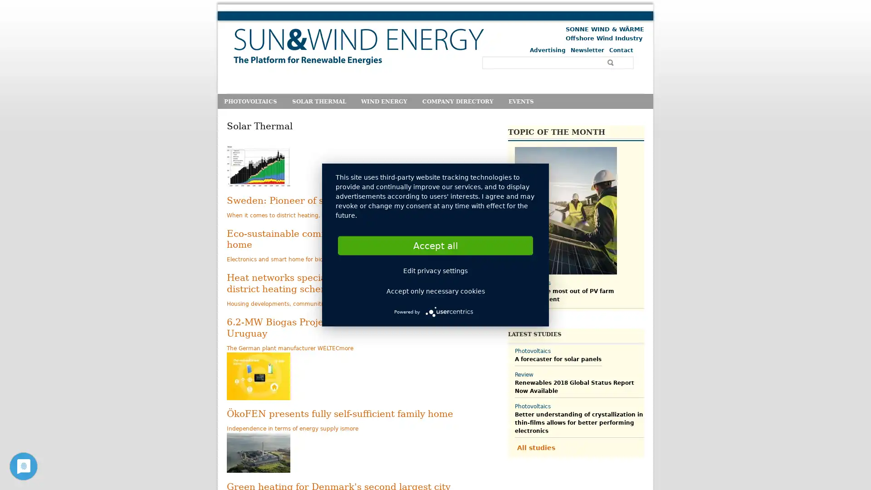 This screenshot has width=871, height=490. I want to click on Accept, so click(435, 245).